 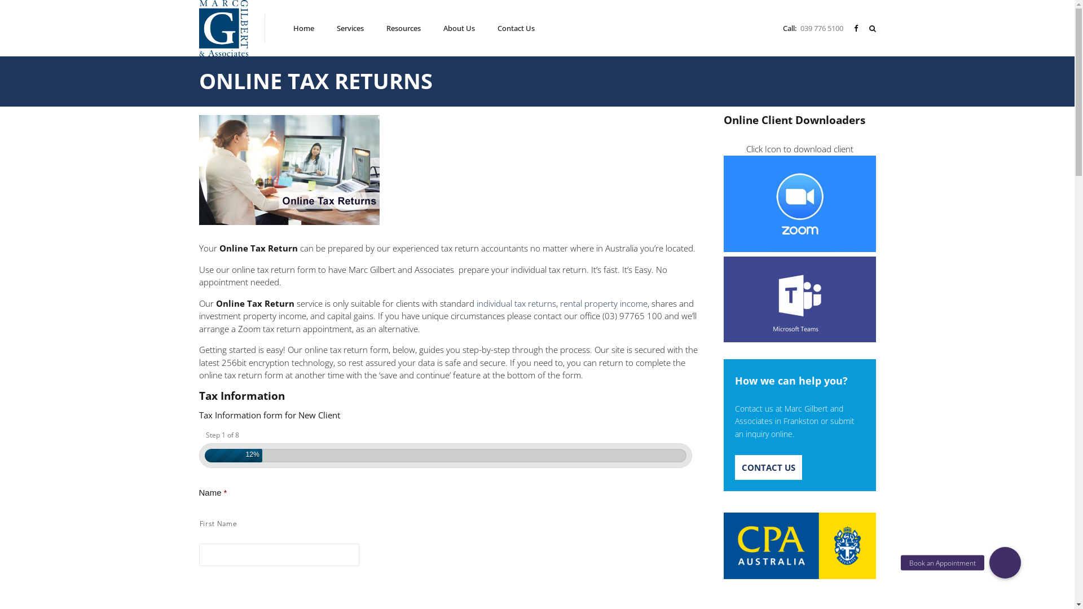 What do you see at coordinates (349, 28) in the screenshot?
I see `'Services'` at bounding box center [349, 28].